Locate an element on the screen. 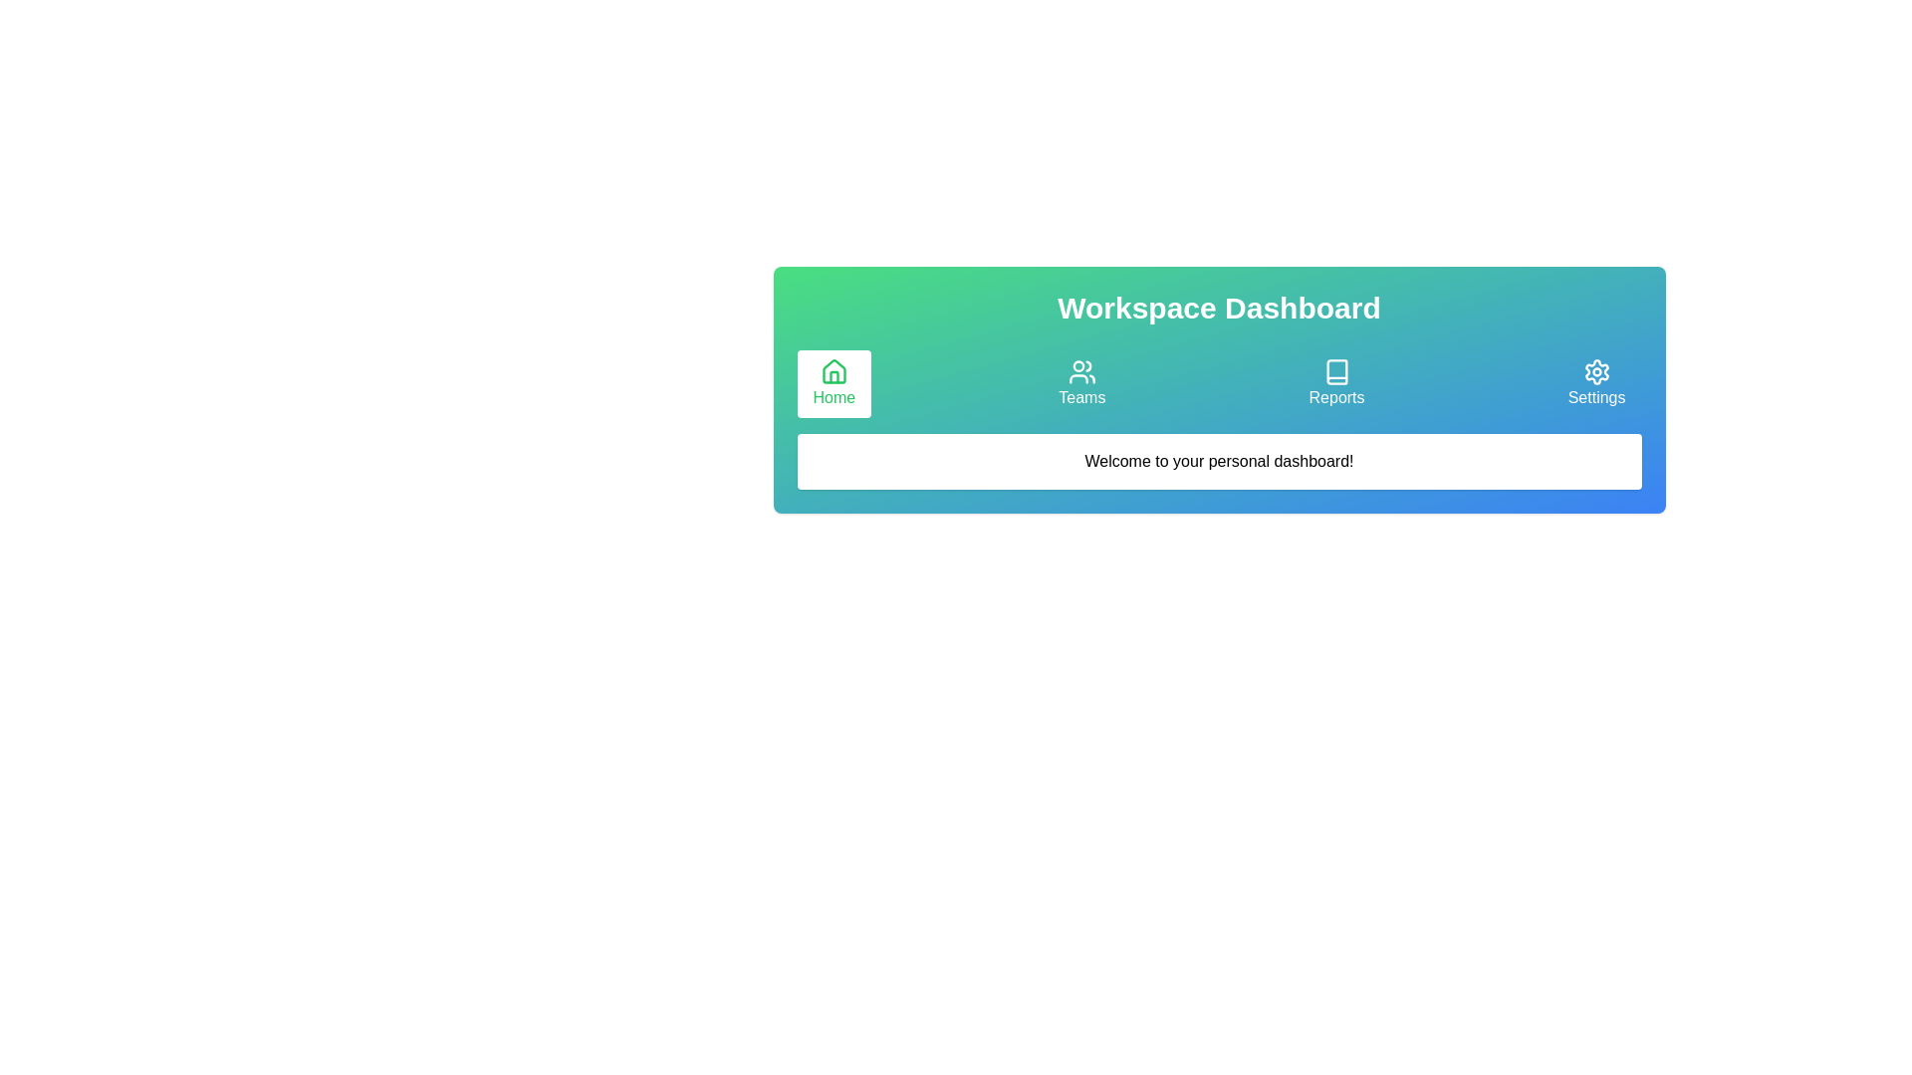  the book-shaped icon in the 'Reports' section of the top navigation menu, located between the 'Teams' and 'Settings' sections is located at coordinates (1336, 372).